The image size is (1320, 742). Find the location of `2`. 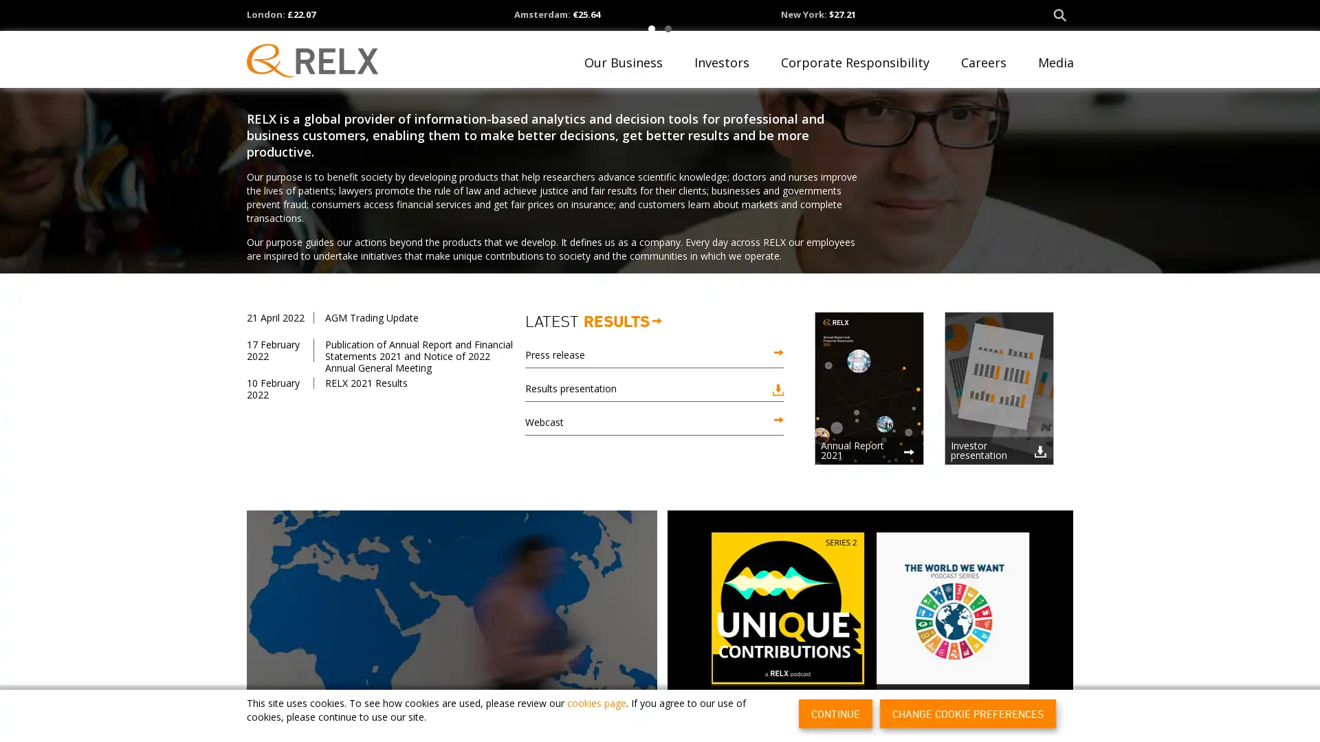

2 is located at coordinates (668, 29).